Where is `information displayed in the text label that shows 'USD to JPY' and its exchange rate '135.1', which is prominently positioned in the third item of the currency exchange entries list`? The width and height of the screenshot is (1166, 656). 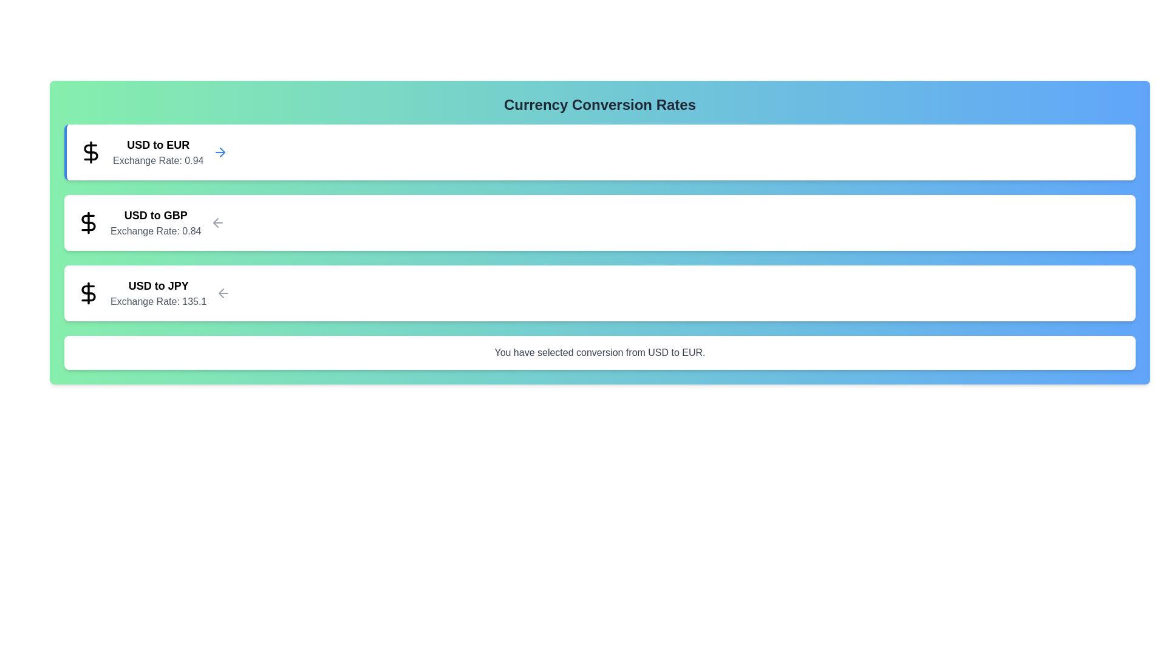 information displayed in the text label that shows 'USD to JPY' and its exchange rate '135.1', which is prominently positioned in the third item of the currency exchange entries list is located at coordinates (158, 293).